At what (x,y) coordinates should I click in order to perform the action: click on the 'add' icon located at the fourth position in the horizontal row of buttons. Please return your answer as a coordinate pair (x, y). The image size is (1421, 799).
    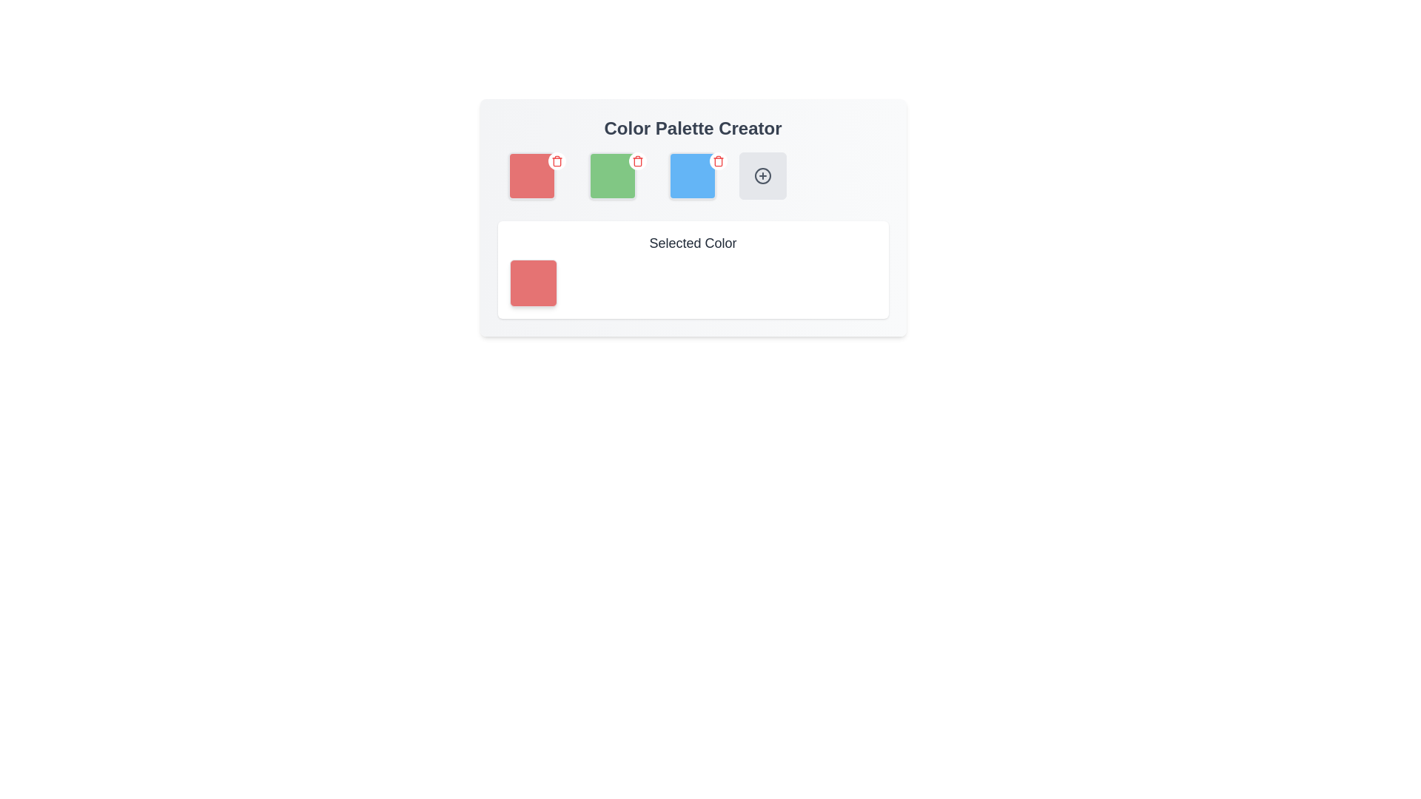
    Looking at the image, I should click on (762, 175).